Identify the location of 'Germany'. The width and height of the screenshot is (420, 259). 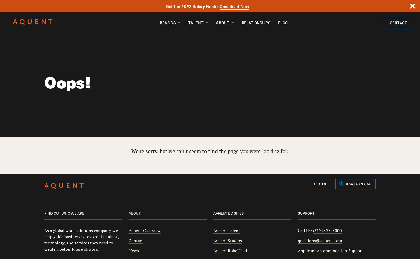
(351, 251).